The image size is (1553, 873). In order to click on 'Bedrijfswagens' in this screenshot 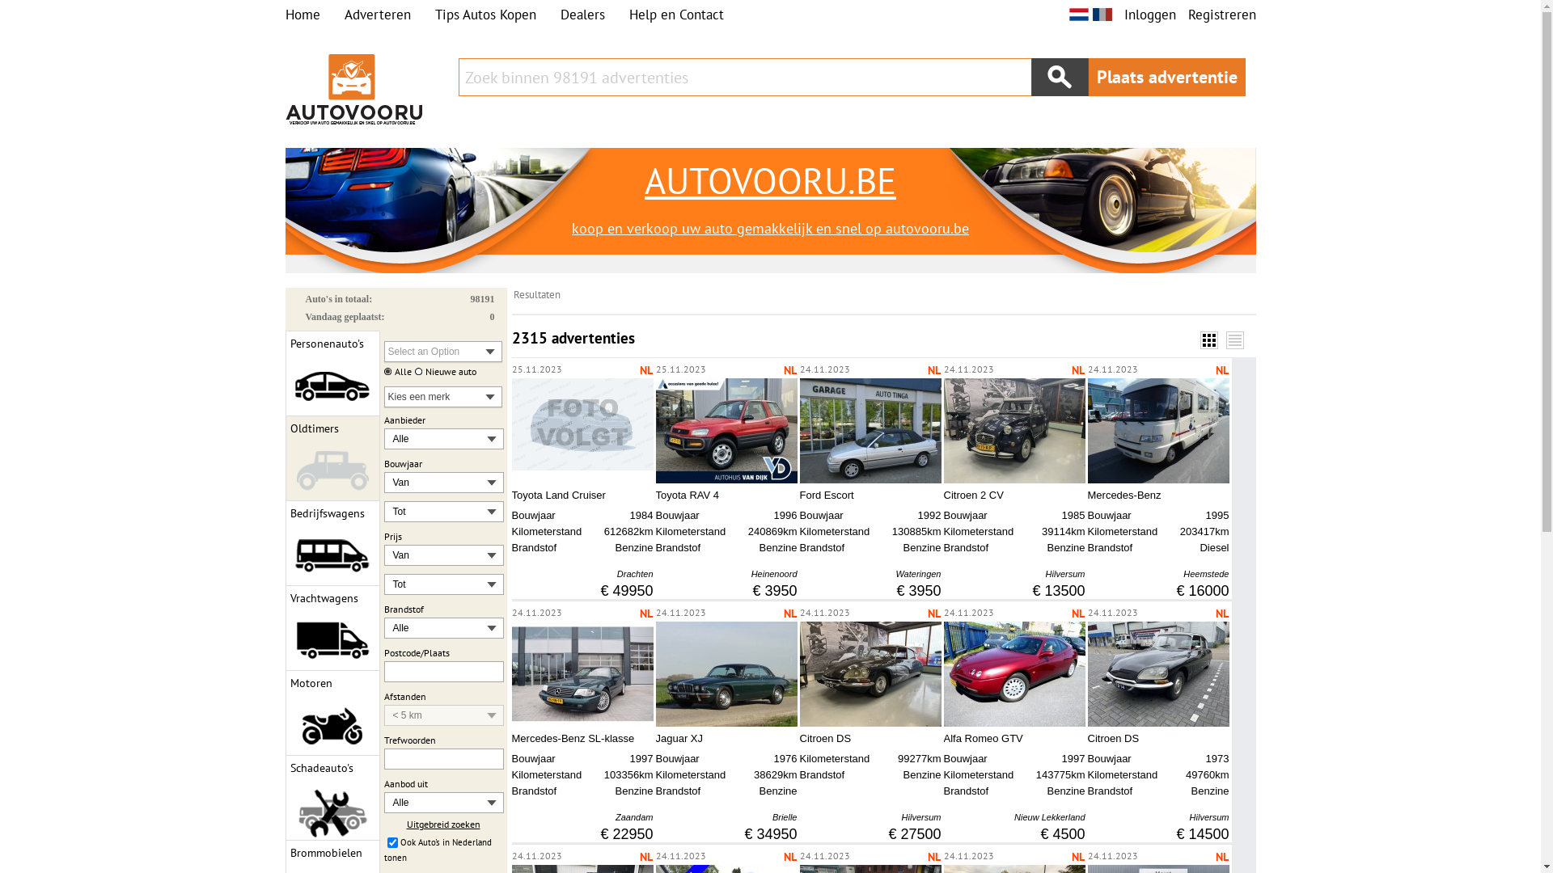, I will do `click(331, 543)`.